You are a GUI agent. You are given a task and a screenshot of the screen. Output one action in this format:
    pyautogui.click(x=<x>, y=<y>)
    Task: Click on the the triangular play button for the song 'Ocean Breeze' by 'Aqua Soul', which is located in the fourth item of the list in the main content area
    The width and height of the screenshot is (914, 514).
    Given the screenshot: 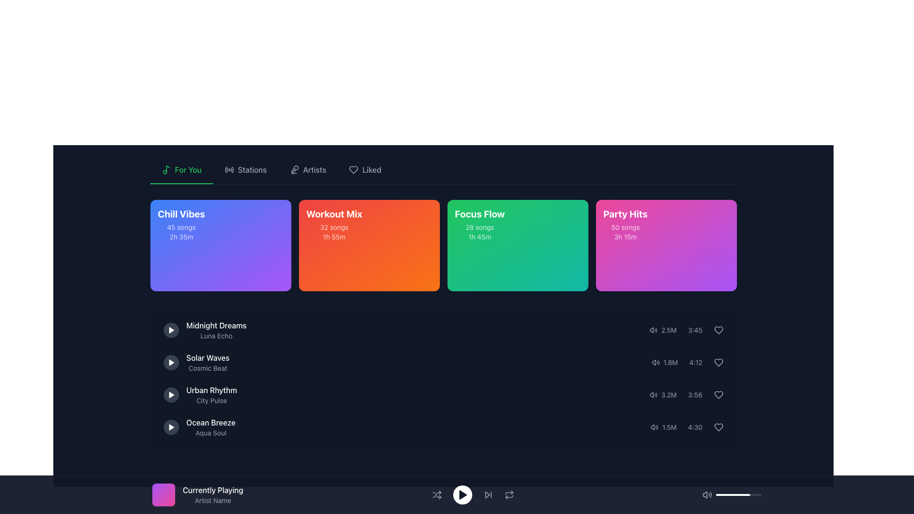 What is the action you would take?
    pyautogui.click(x=171, y=427)
    